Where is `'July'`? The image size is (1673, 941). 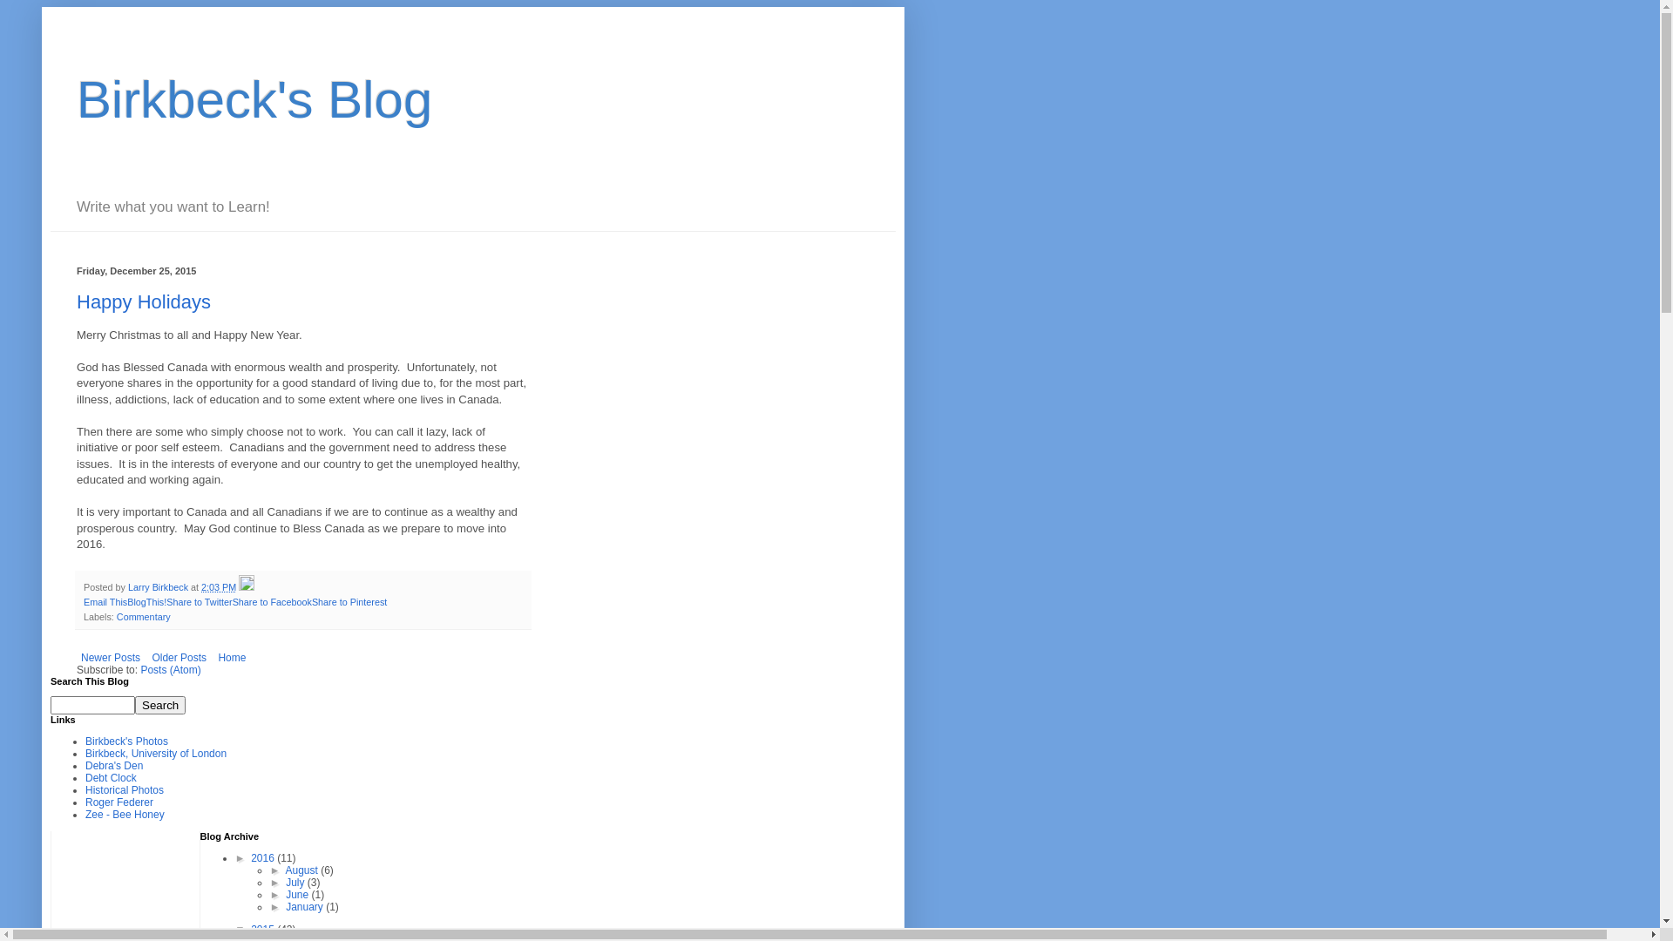
'July' is located at coordinates (296, 883).